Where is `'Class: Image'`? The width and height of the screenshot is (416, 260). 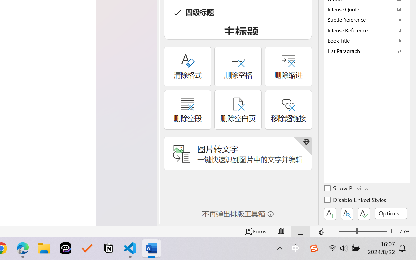 'Class: Image' is located at coordinates (314, 248).